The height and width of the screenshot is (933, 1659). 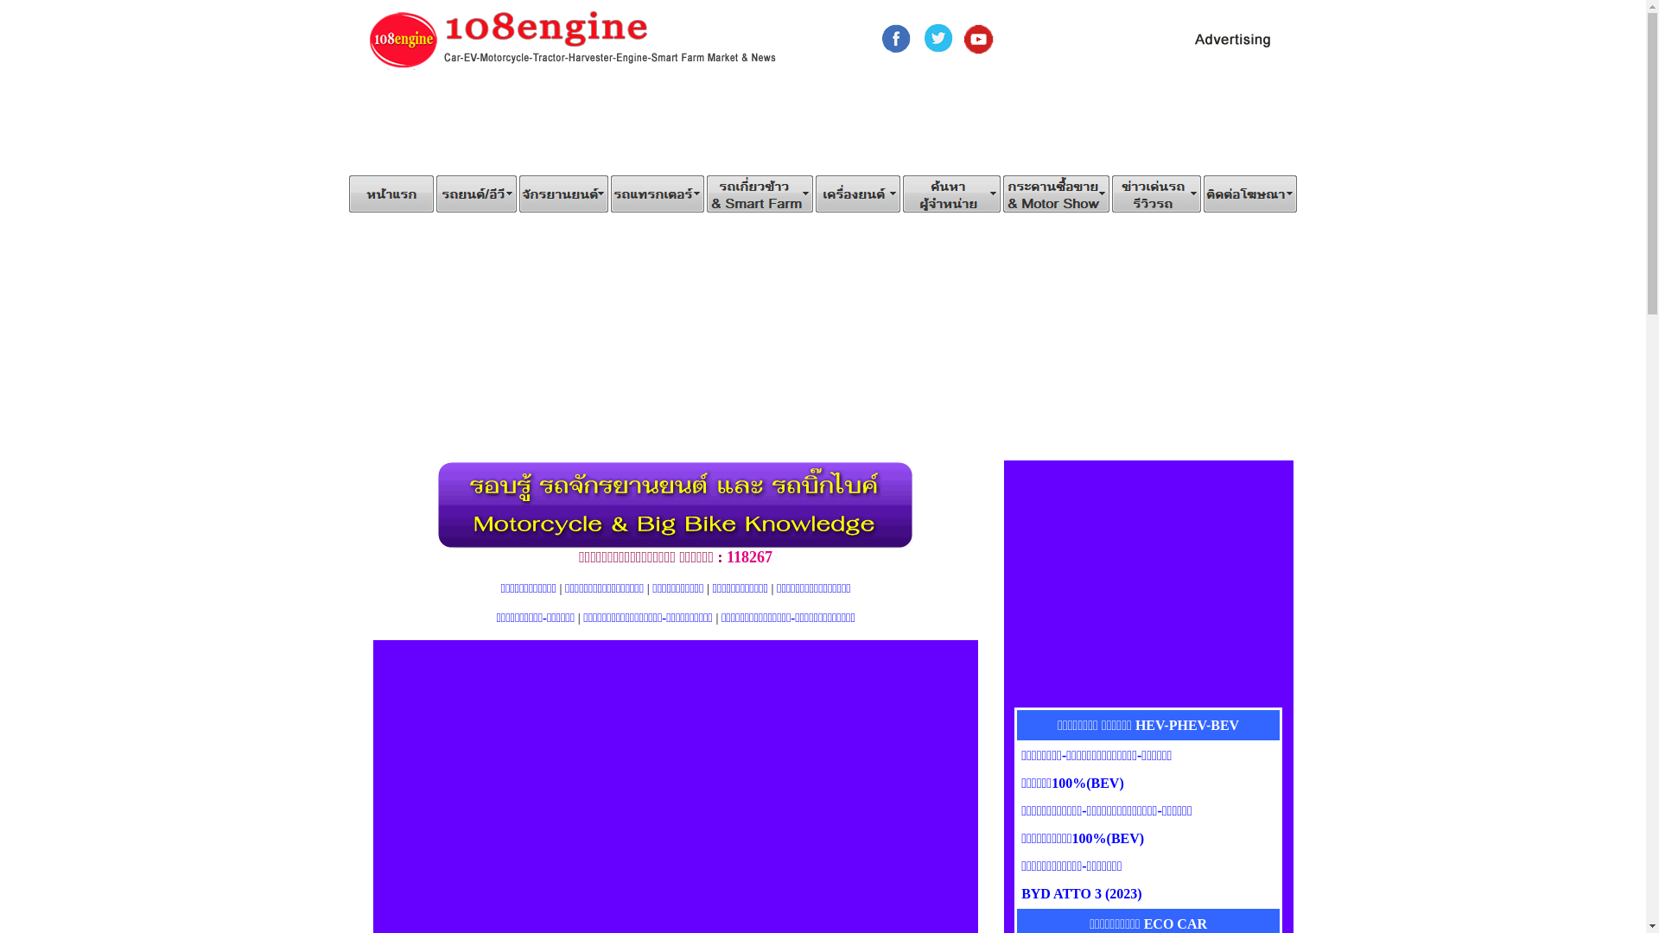 What do you see at coordinates (896, 37) in the screenshot?
I see `'Facebook108engine'` at bounding box center [896, 37].